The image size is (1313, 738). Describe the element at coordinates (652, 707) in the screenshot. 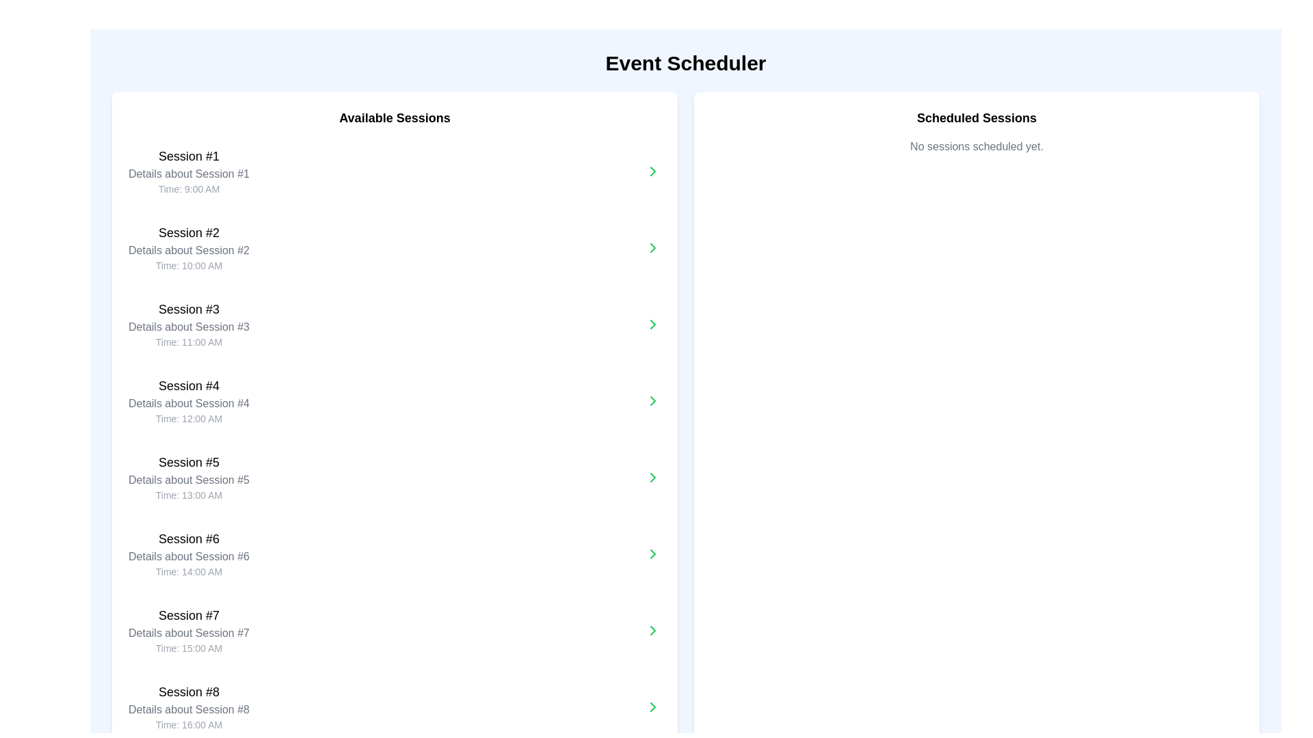

I see `the Chevron icon/button located at the far right of the 'Session #8' entry in the 'Available Sessions' list for keyboard navigation` at that location.